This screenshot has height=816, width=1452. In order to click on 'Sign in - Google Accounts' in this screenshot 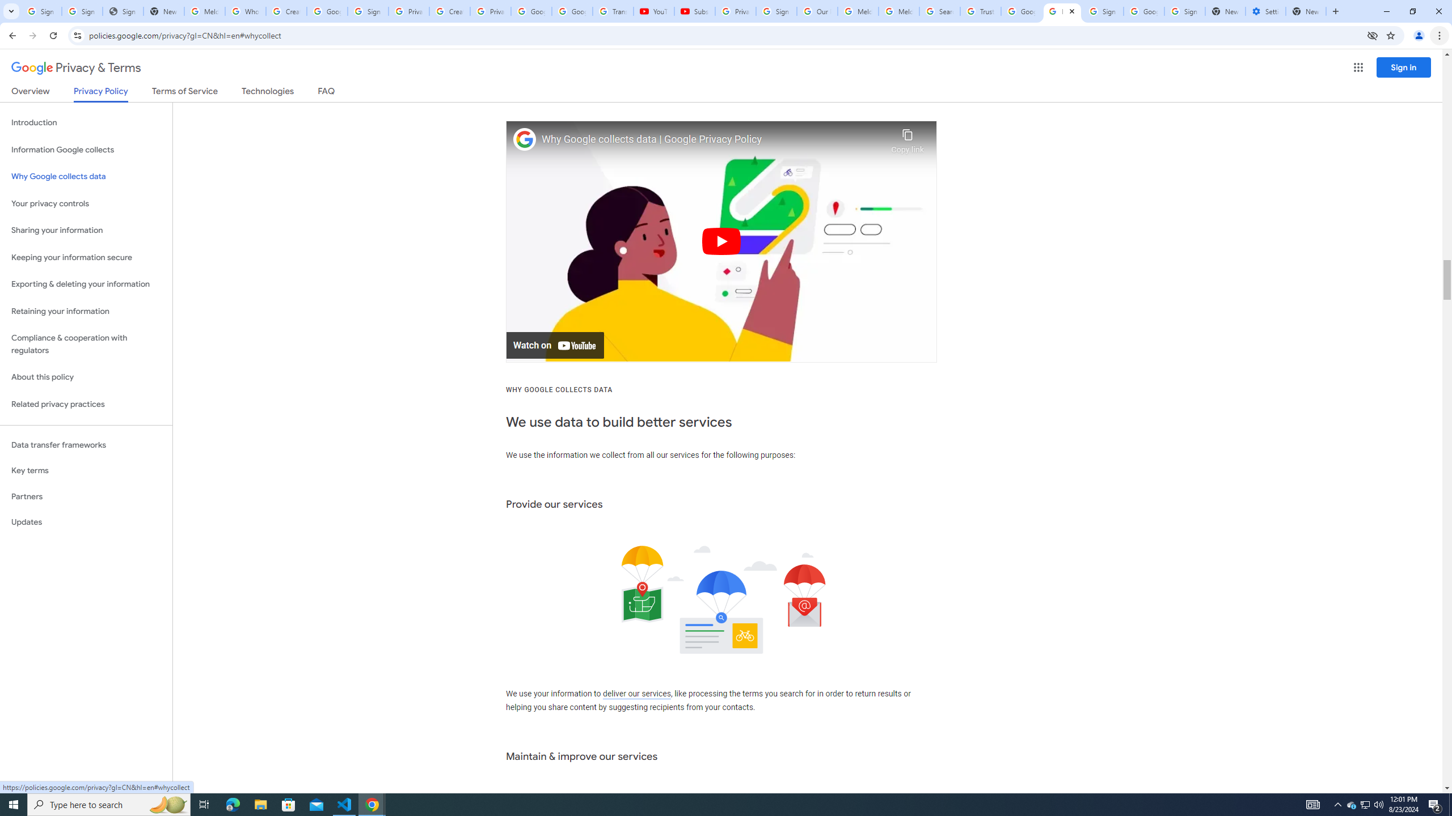, I will do `click(1103, 11)`.